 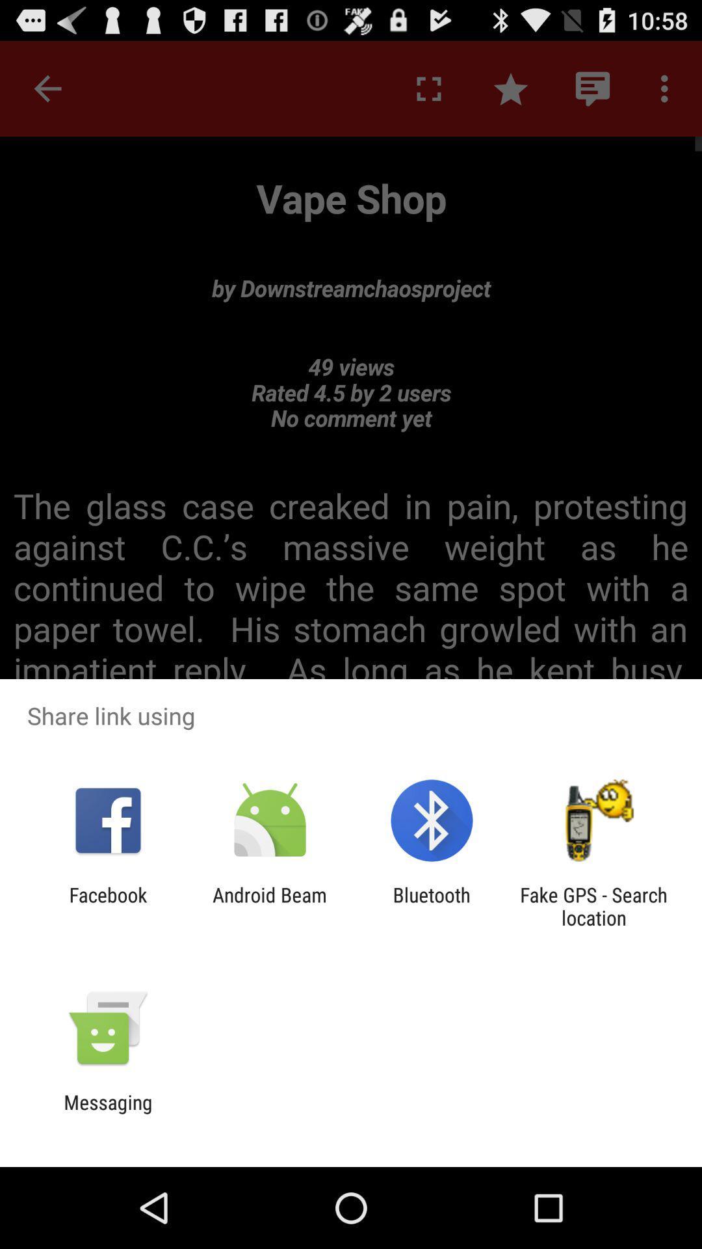 What do you see at coordinates (269, 906) in the screenshot?
I see `the app to the left of the bluetooth` at bounding box center [269, 906].